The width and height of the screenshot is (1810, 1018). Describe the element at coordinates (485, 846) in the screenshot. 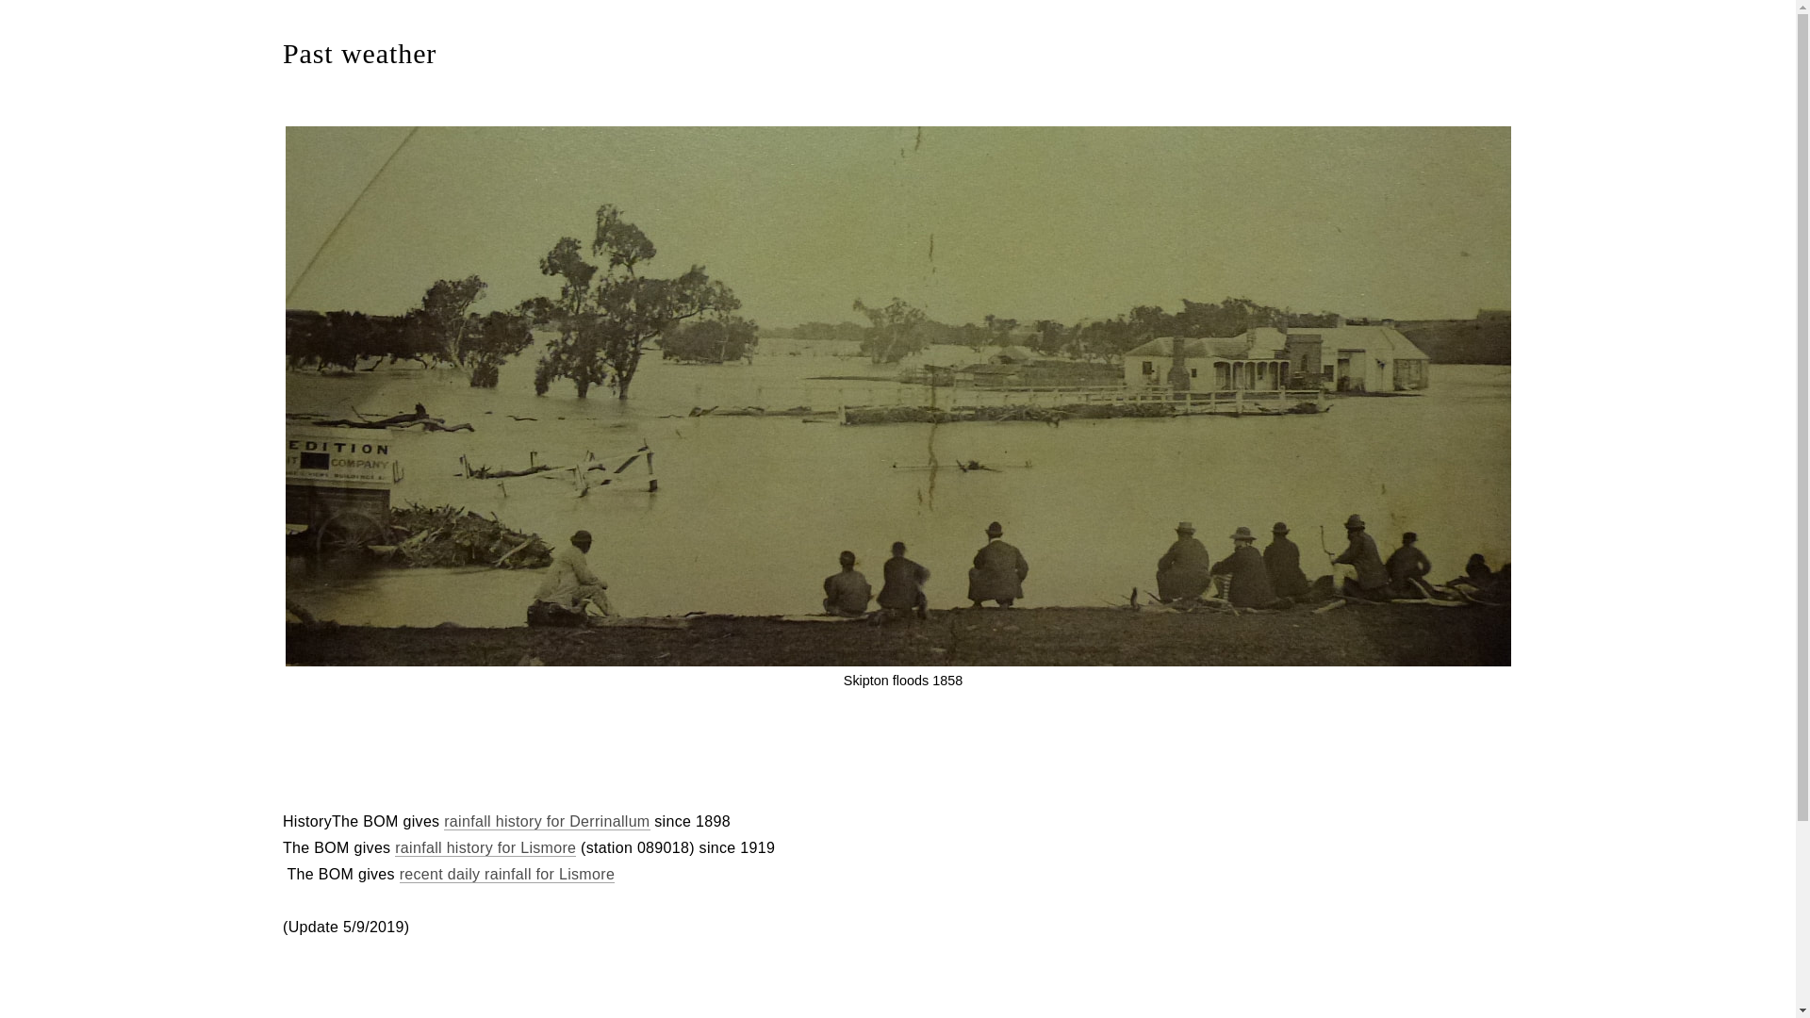

I see `'rainfall history for Lismore'` at that location.